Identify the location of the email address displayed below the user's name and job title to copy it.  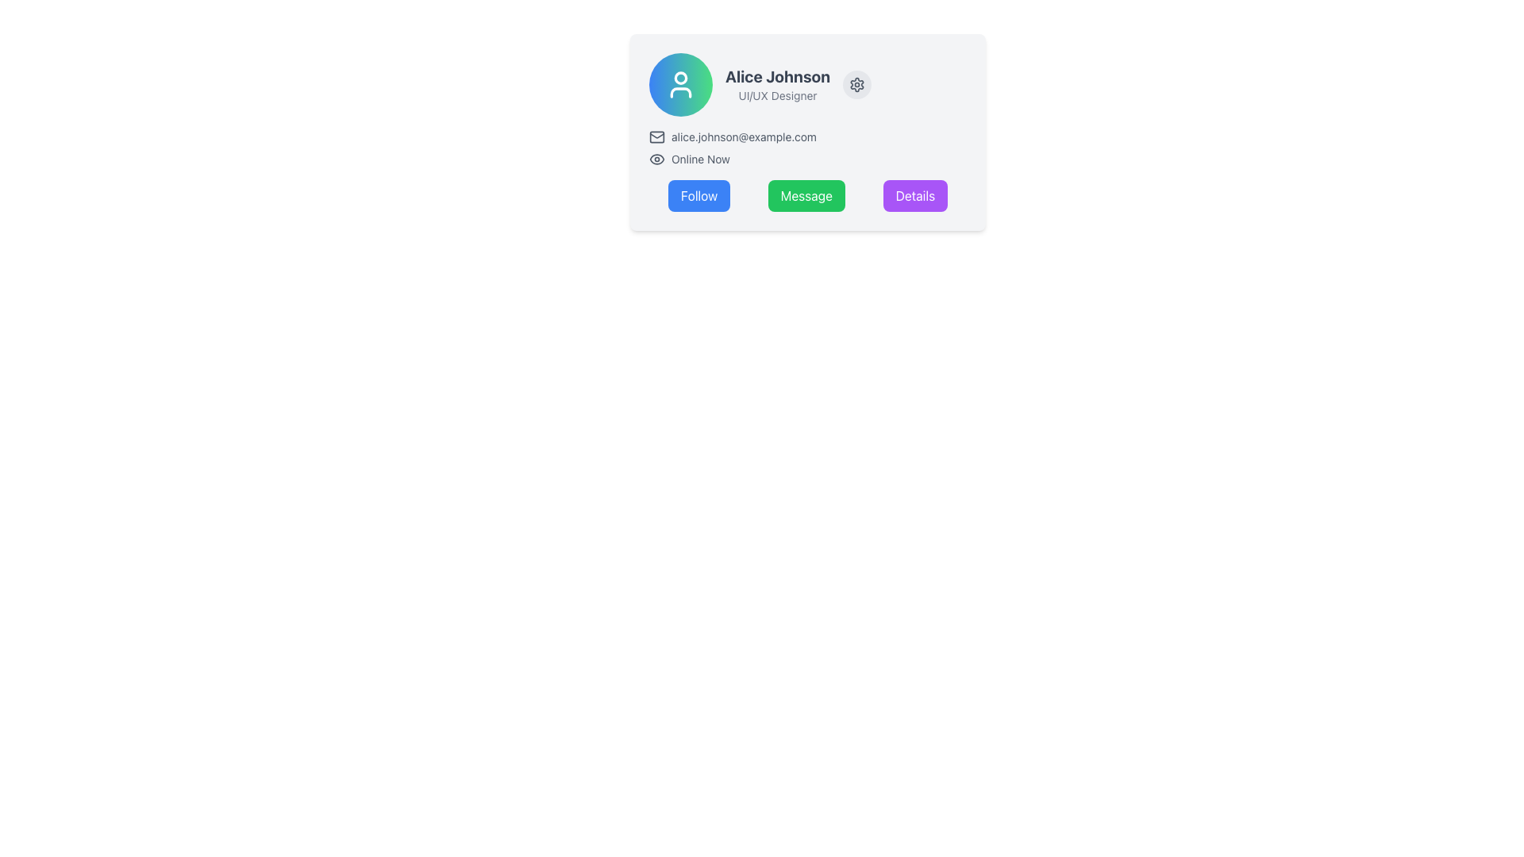
(807, 136).